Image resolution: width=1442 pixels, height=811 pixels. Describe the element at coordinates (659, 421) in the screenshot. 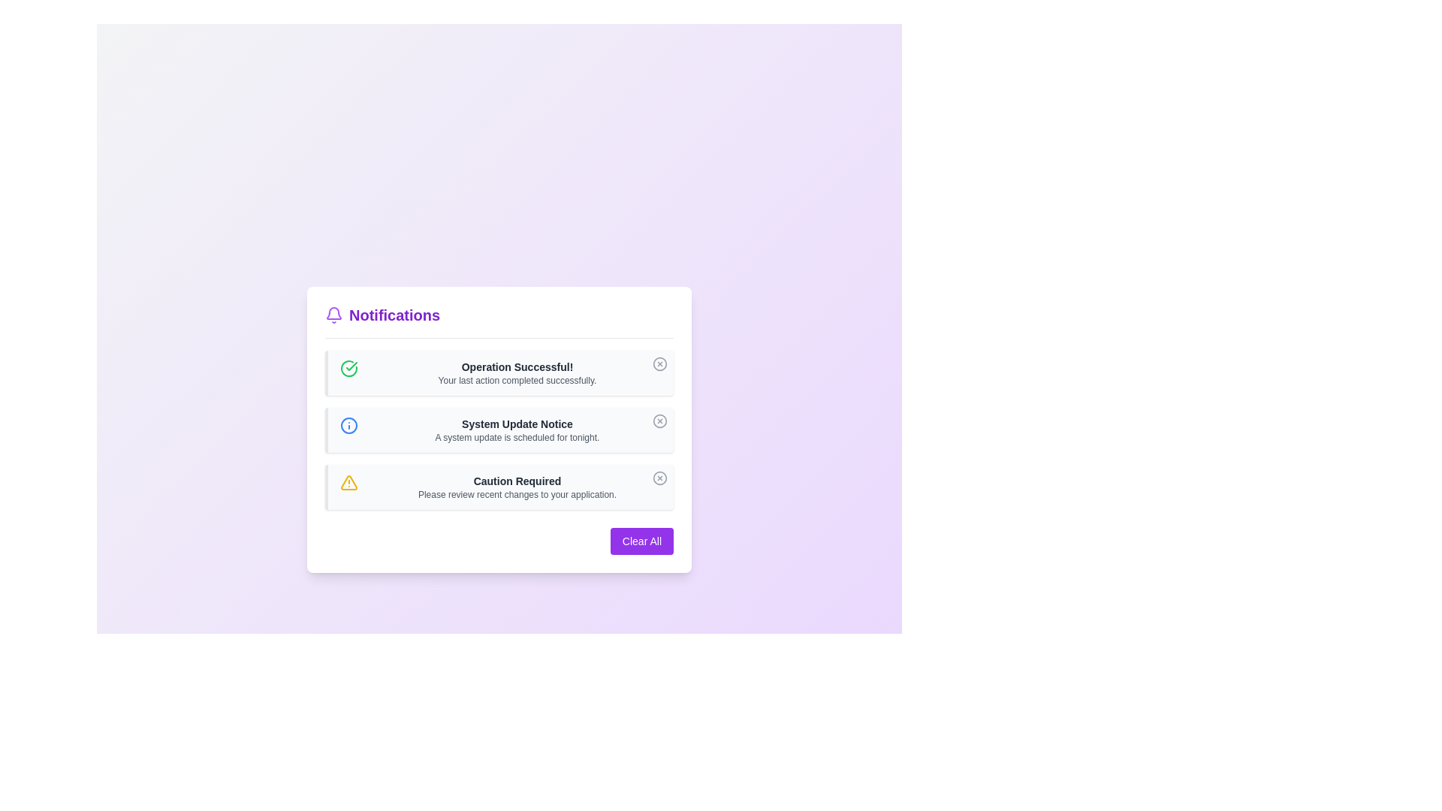

I see `the circular SVG element that serves as a close icon for the second notification entry, adjacent to the 'System Update Notice' text, for keyboard actions` at that location.